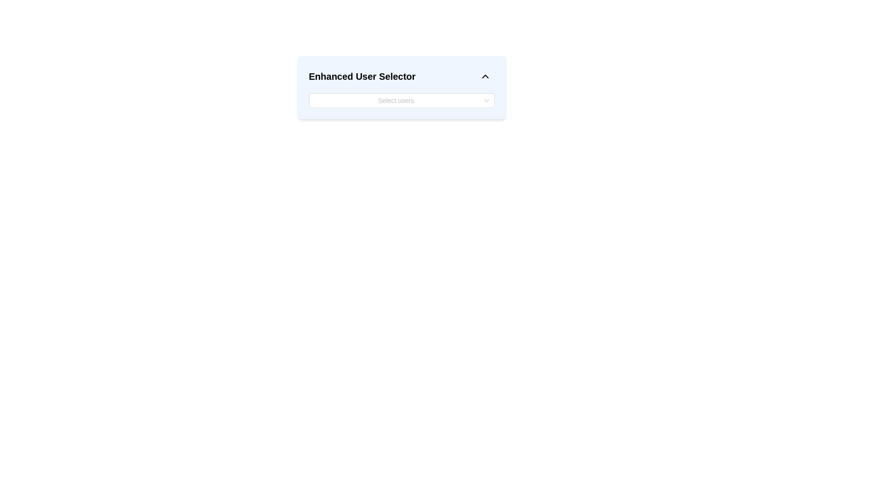 The height and width of the screenshot is (501, 891). What do you see at coordinates (401, 100) in the screenshot?
I see `the Dropdown menu located below the title 'Enhanced User Selector', which allows users to select one or more users from a list and is the second key component` at bounding box center [401, 100].